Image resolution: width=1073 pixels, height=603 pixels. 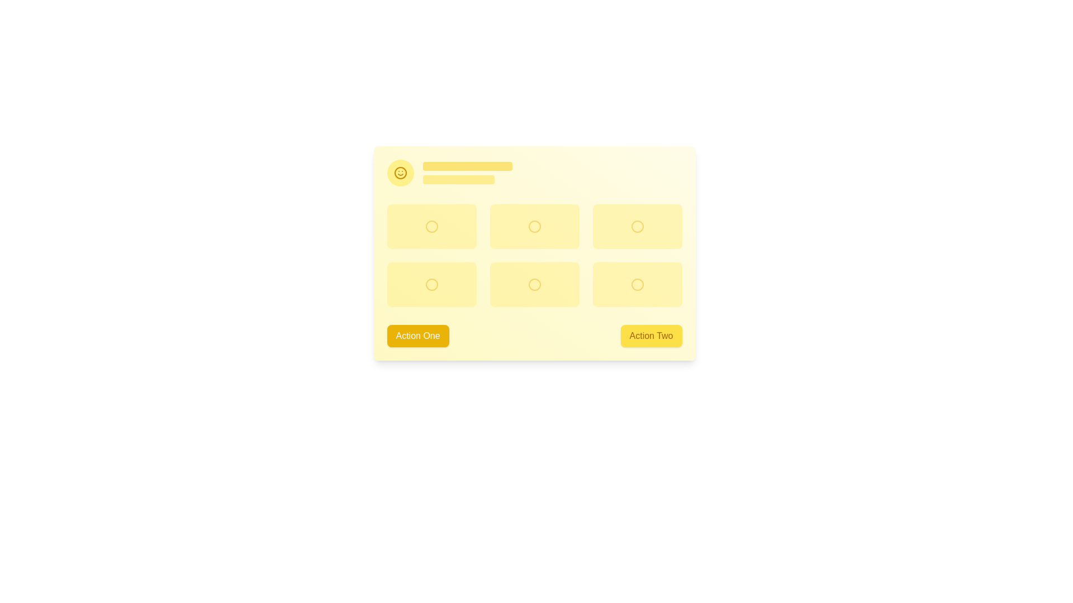 I want to click on the rectangular button with rounded corners, yellow background, and white text reading 'Action One', so click(x=417, y=335).